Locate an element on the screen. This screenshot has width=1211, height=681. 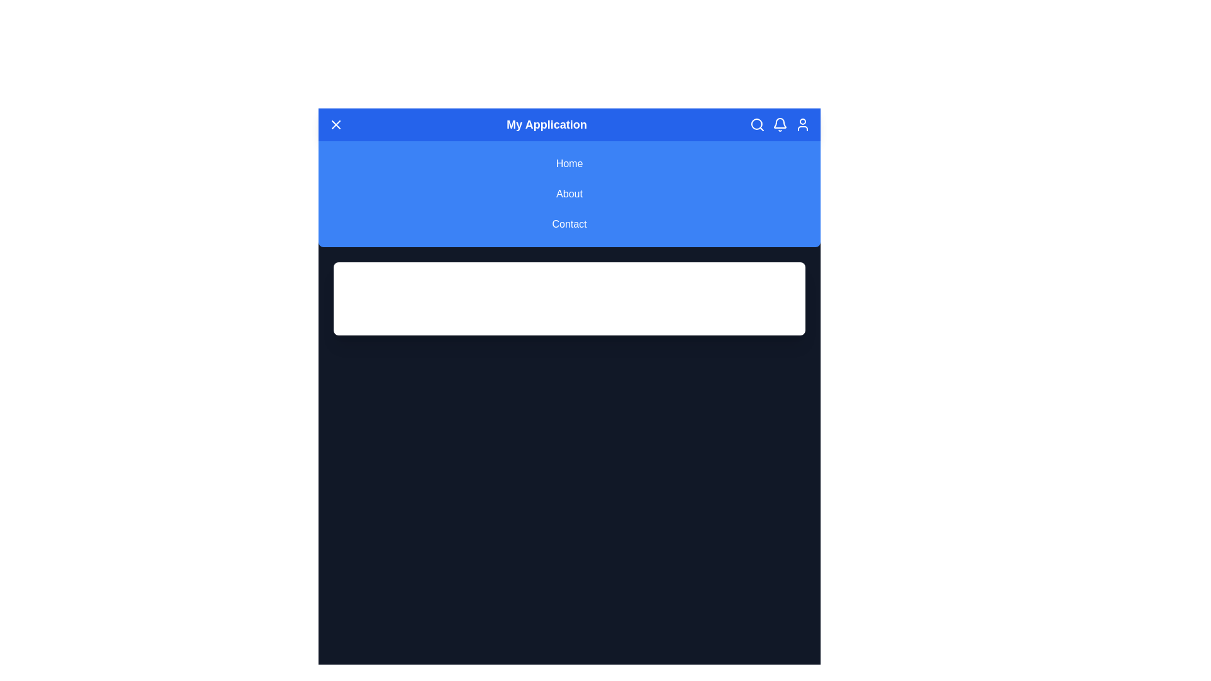
the navigation link Contact is located at coordinates (568, 223).